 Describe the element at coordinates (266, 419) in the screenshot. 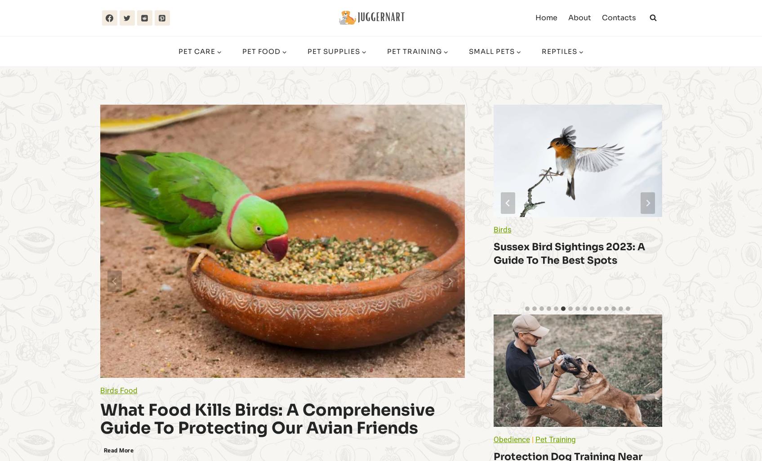

I see `'What Food Kills Birds: A Comprehensive Guide to Protecting Our Avian Friends'` at that location.